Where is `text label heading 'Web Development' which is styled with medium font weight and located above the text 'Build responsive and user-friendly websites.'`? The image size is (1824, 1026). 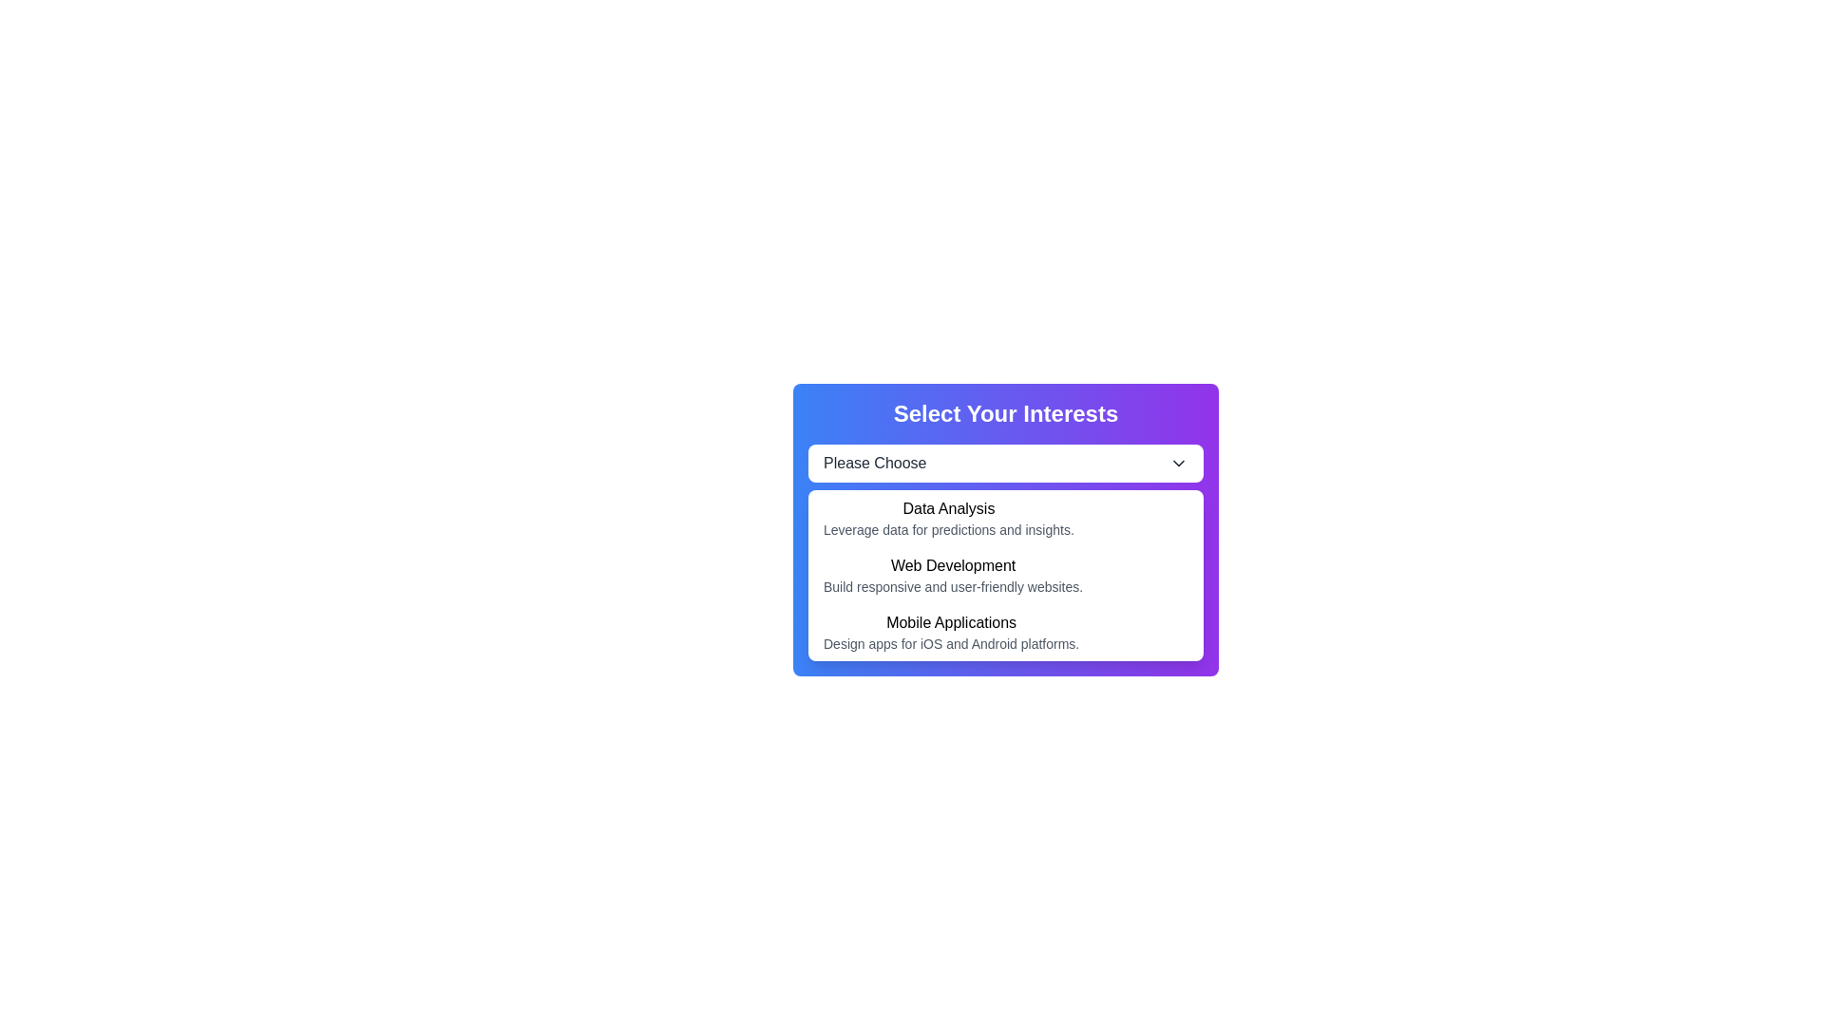
text label heading 'Web Development' which is styled with medium font weight and located above the text 'Build responsive and user-friendly websites.' is located at coordinates (953, 565).